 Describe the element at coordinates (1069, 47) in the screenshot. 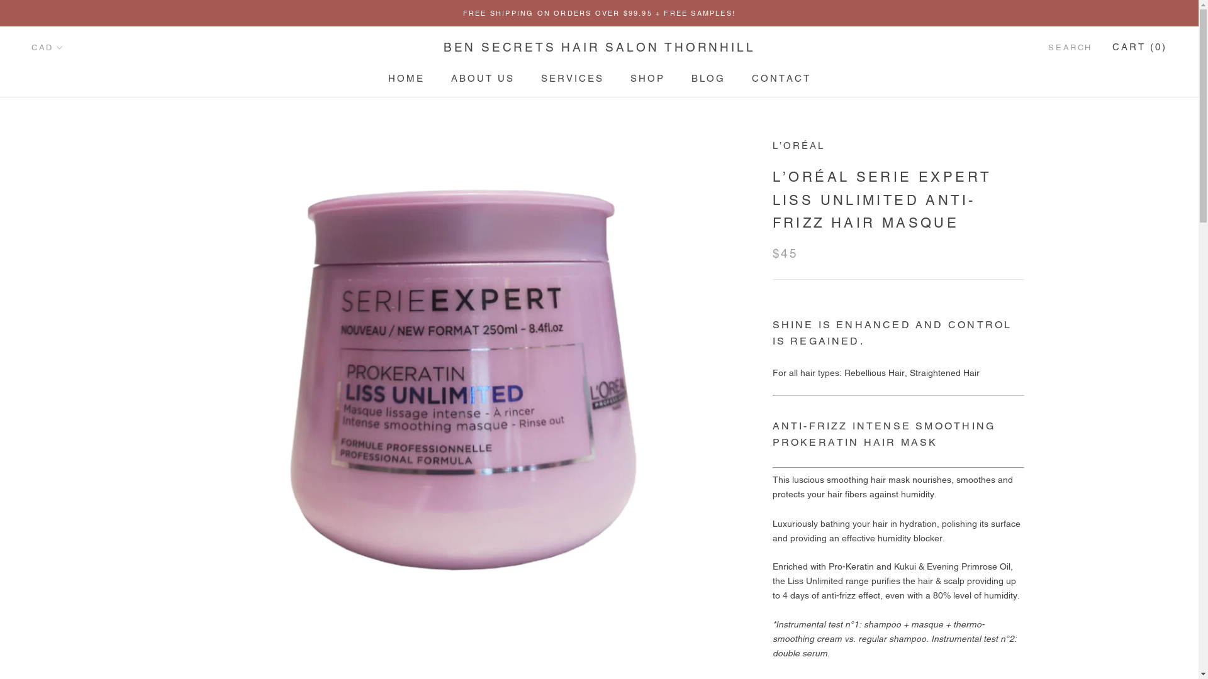

I see `'SEARCH'` at that location.